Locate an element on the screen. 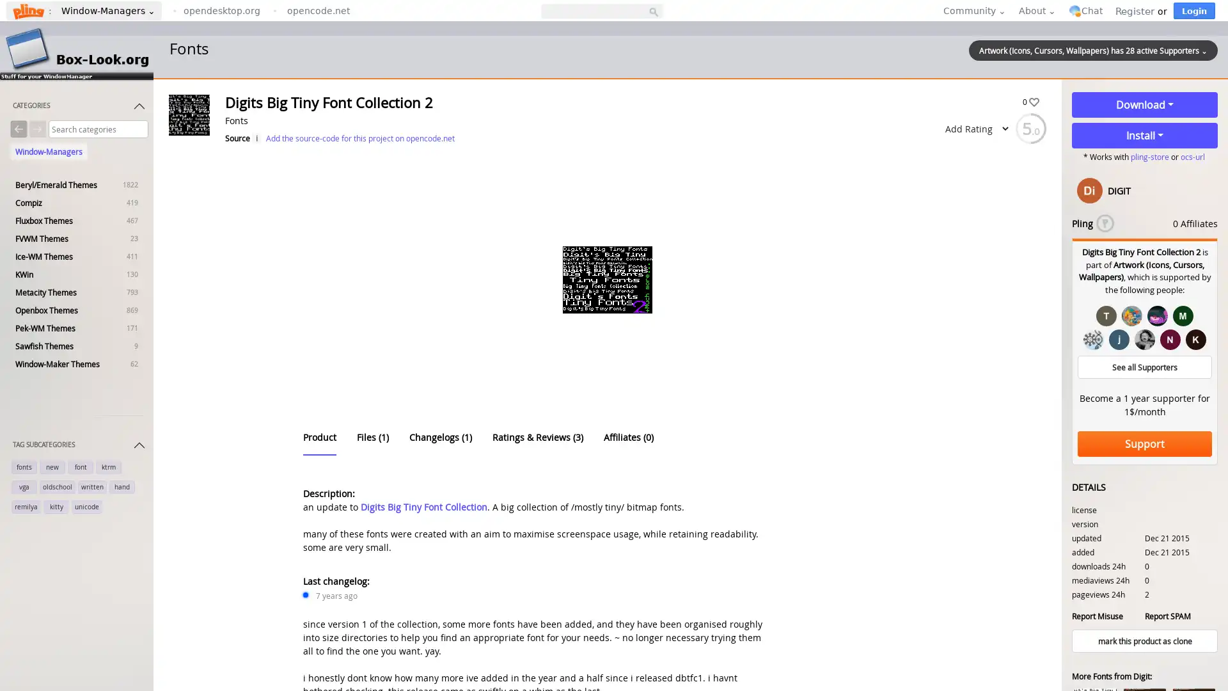  CATEGORIES is located at coordinates (79, 107).